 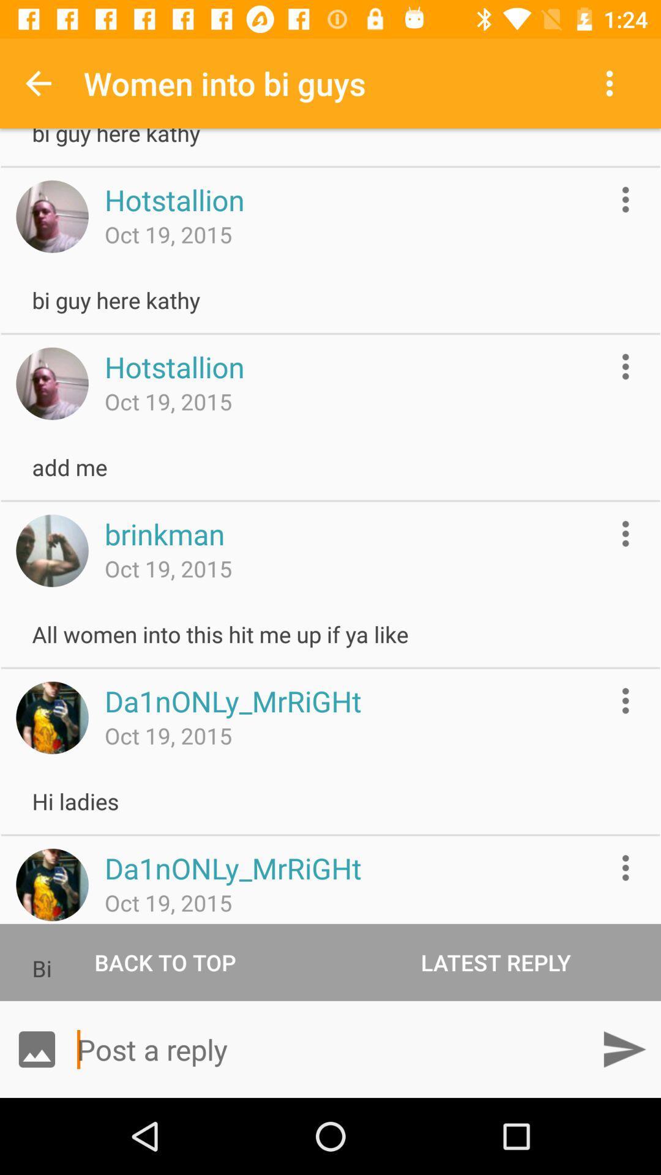 I want to click on open profile, so click(x=51, y=217).